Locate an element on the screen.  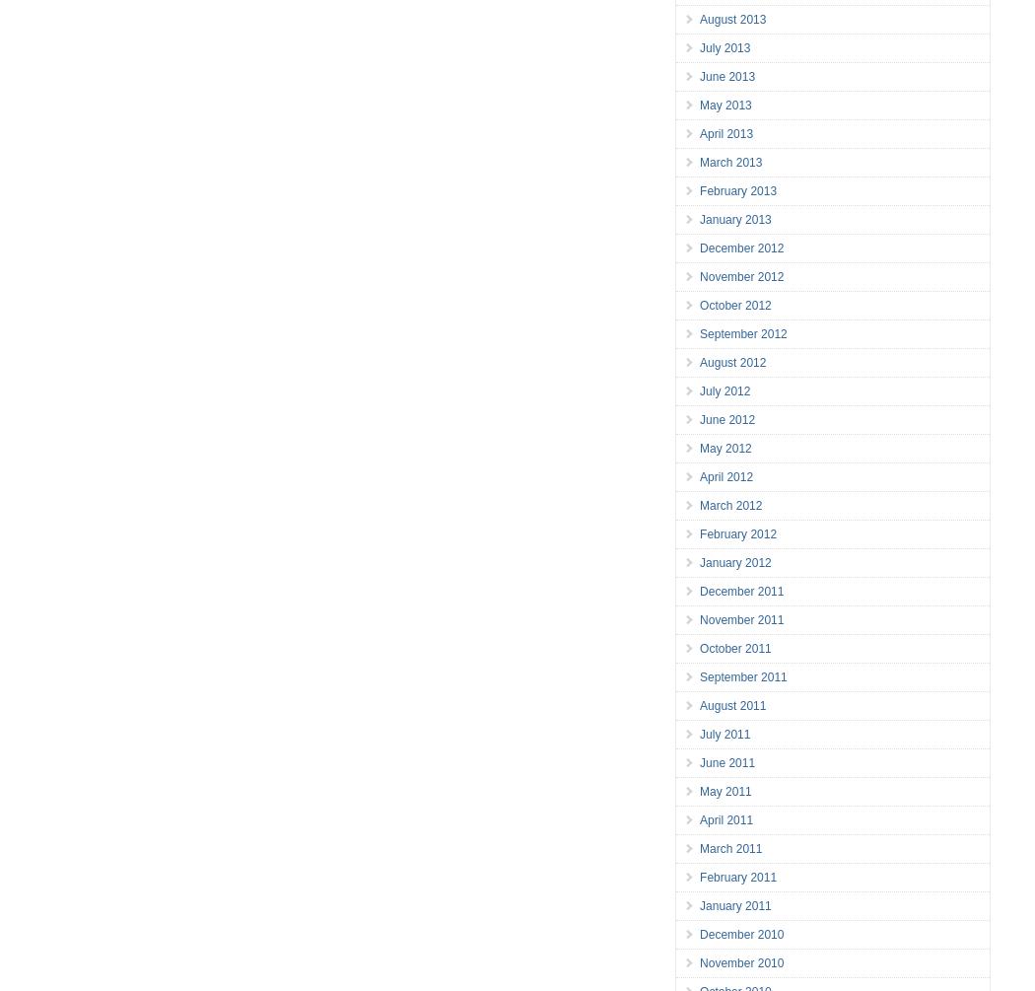
'December 2011' is located at coordinates (741, 590).